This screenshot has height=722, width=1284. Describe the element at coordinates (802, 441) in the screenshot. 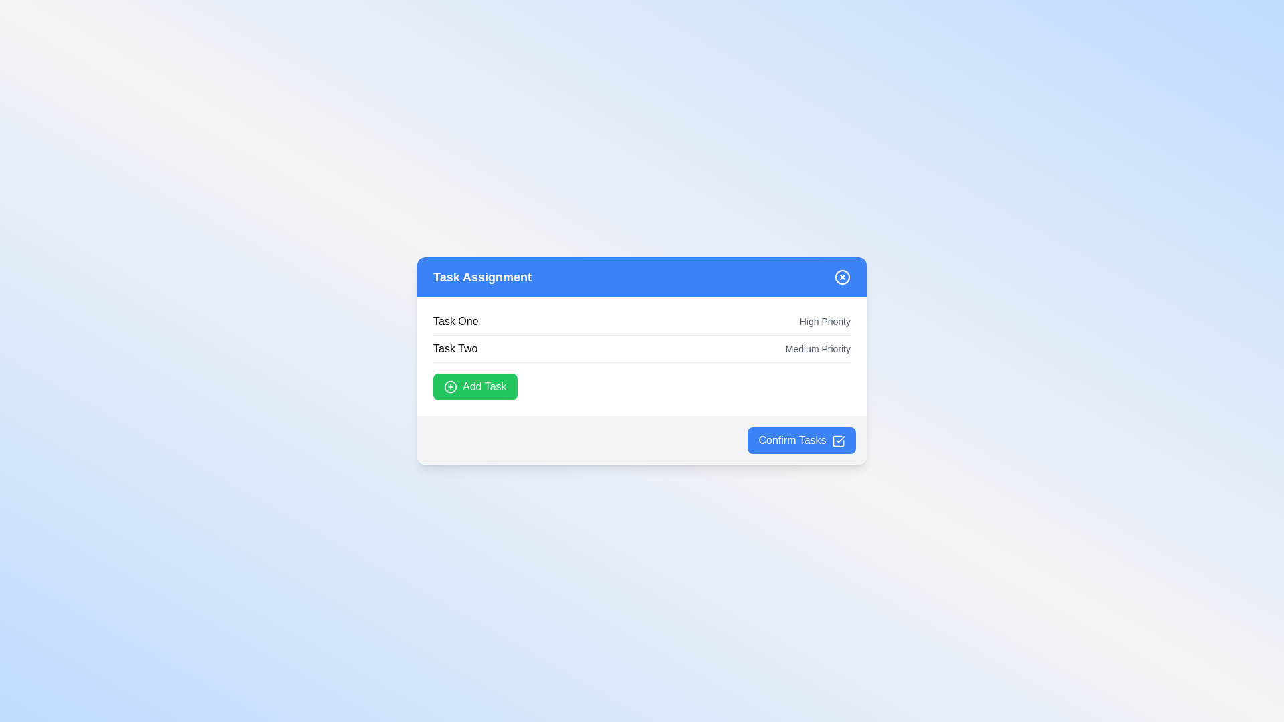

I see `the 'Confirm Tasks' button` at that location.